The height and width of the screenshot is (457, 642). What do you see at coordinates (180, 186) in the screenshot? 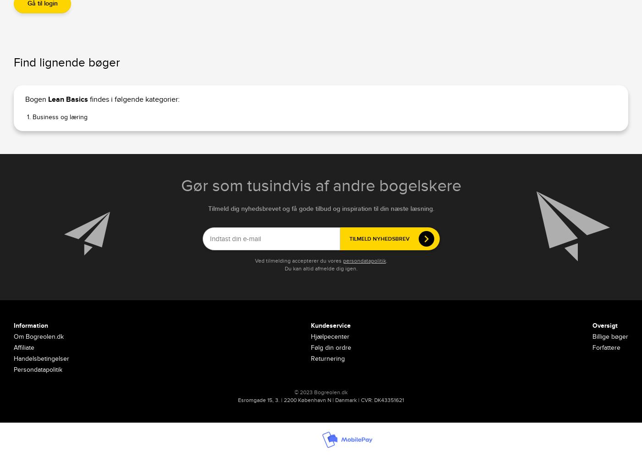
I see `'Gør som tusindvis af andre bogelskere'` at bounding box center [180, 186].